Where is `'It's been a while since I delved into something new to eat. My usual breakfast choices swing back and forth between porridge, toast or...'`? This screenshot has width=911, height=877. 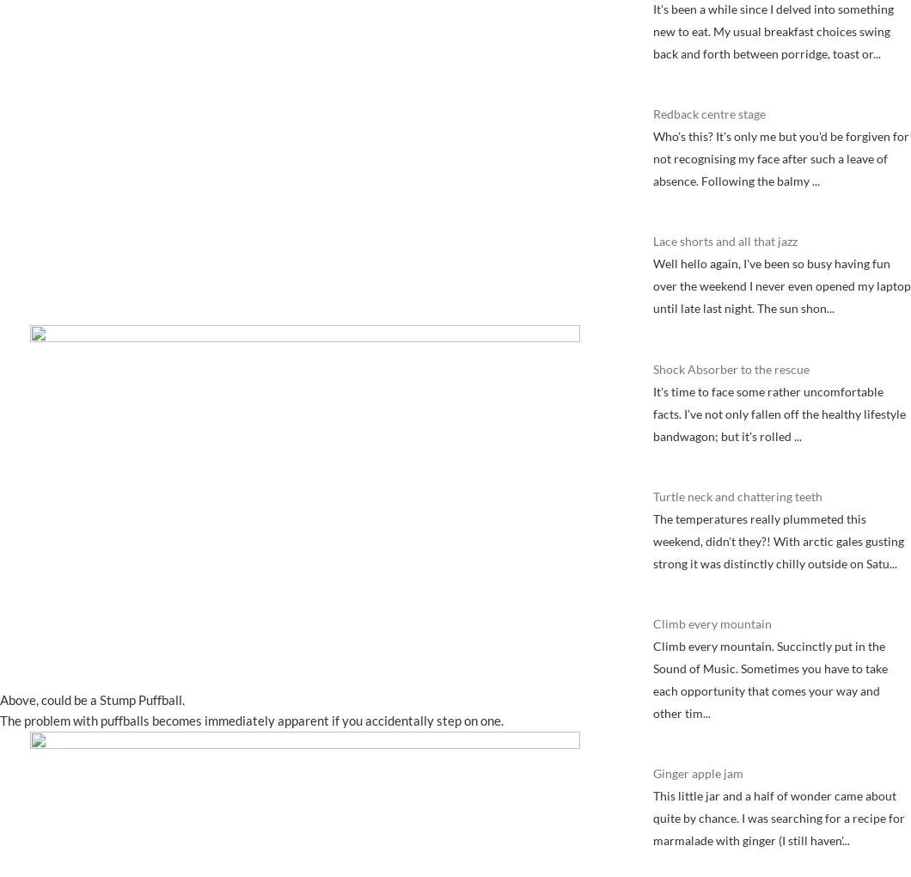
'It's been a while since I delved into something new to eat. My usual breakfast choices swing back and forth between porridge, toast or...' is located at coordinates (773, 29).